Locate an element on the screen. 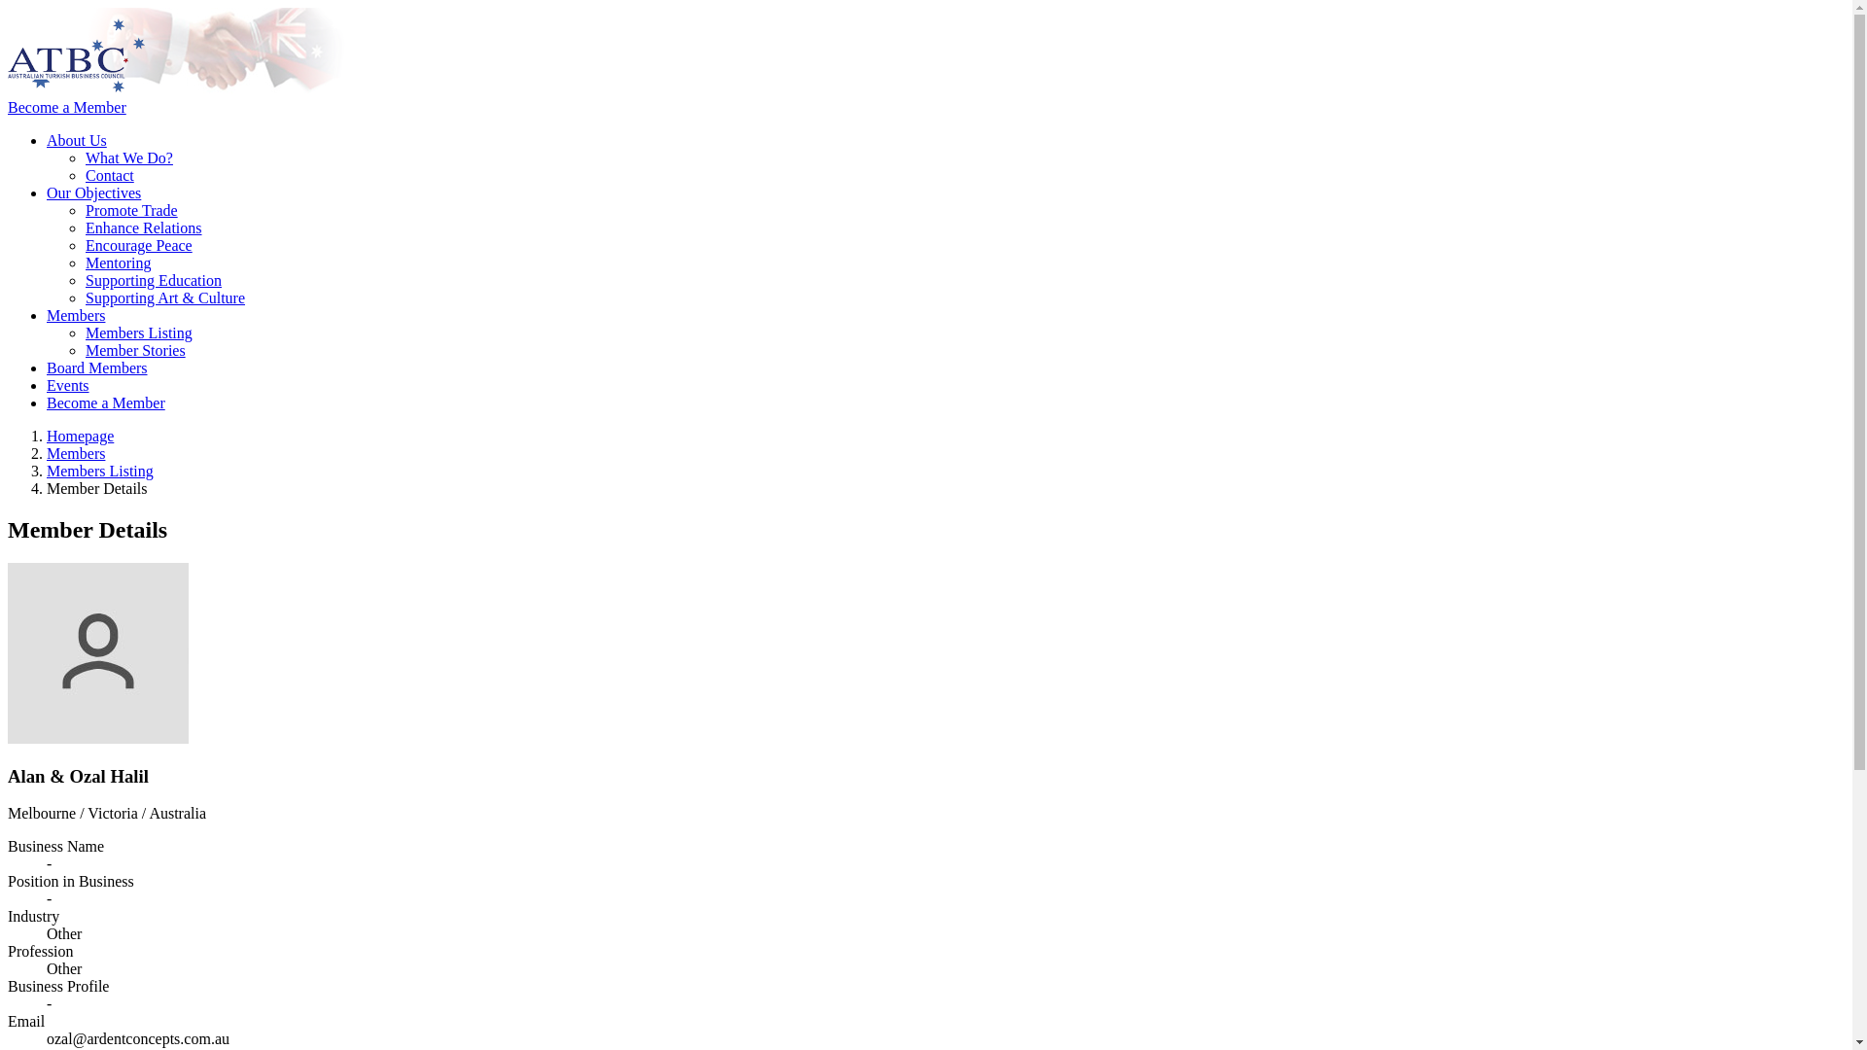  'Members' is located at coordinates (75, 314).